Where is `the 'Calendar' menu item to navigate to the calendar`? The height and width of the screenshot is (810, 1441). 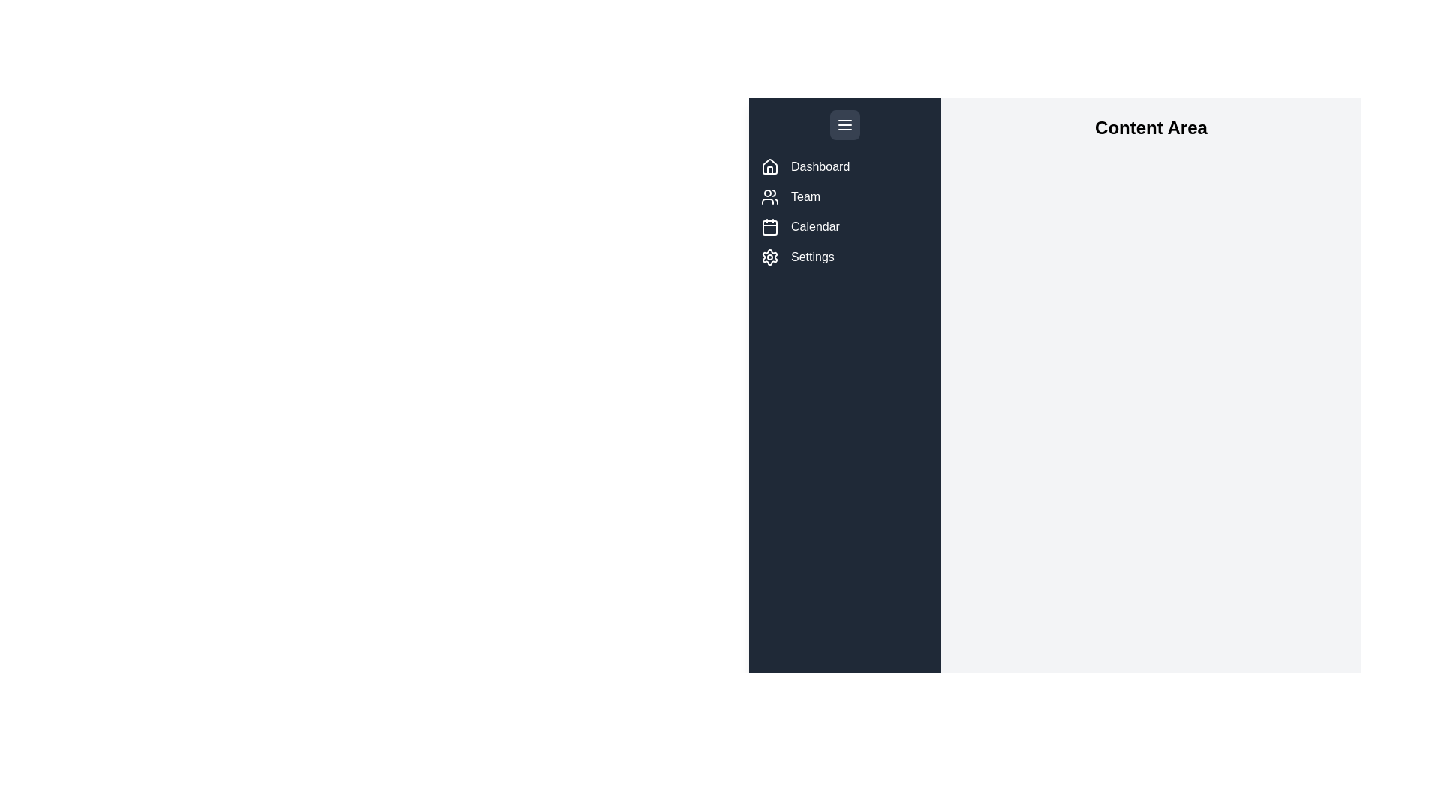
the 'Calendar' menu item to navigate to the calendar is located at coordinates (845, 227).